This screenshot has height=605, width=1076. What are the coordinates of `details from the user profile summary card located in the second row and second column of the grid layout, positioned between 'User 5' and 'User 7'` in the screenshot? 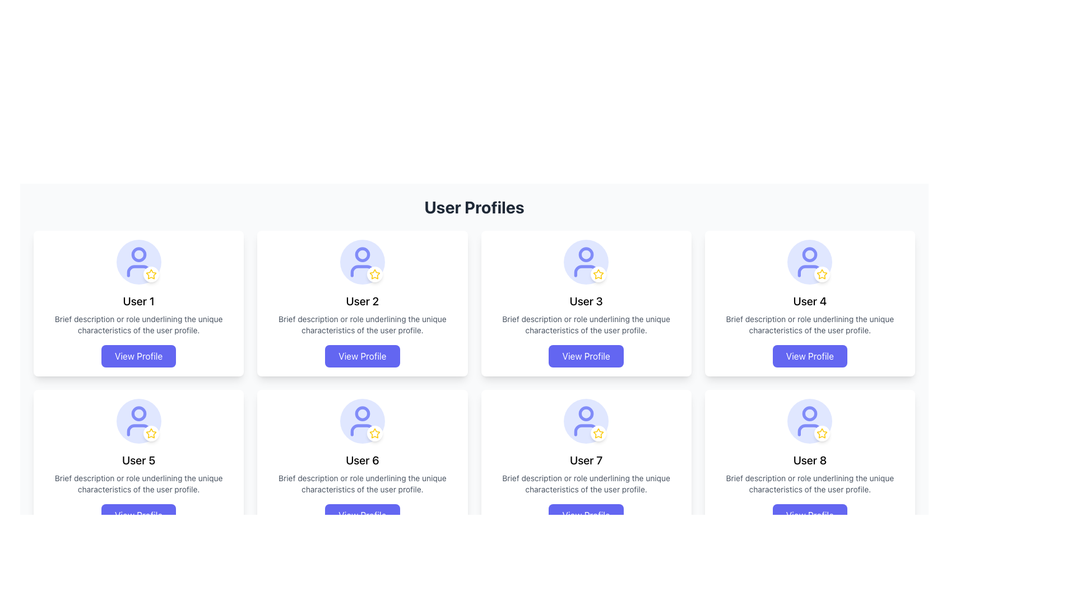 It's located at (362, 462).